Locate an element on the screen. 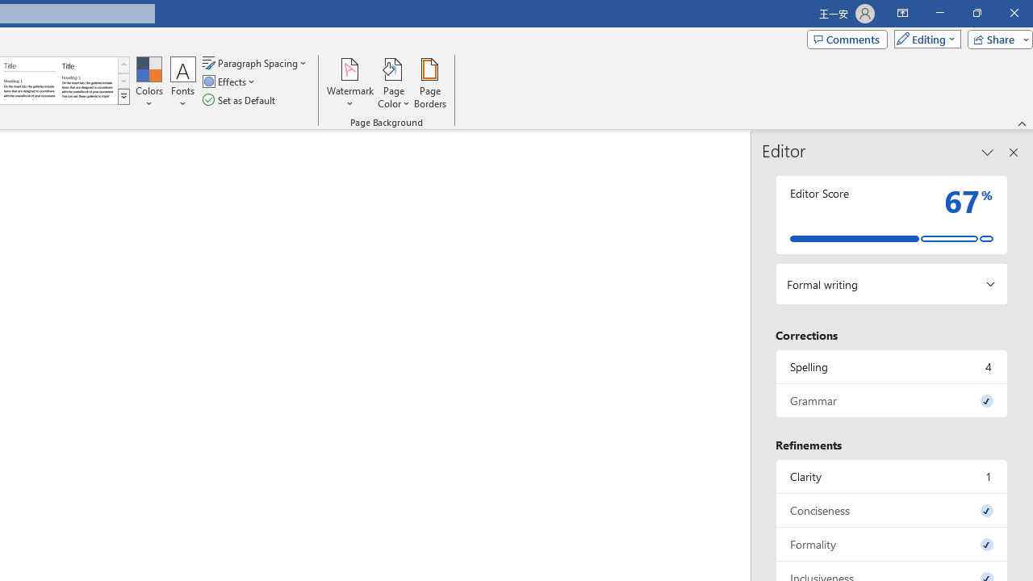  'Row up' is located at coordinates (123, 64).